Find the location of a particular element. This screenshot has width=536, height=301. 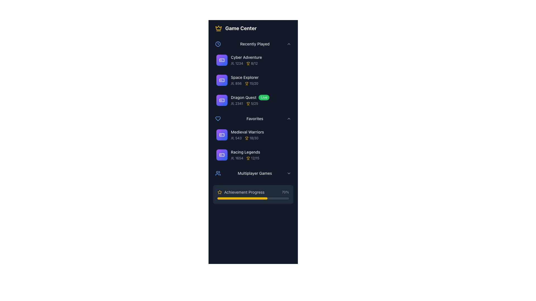

the square icon with rounded corners featuring a white outline of a gaming controller in the 'Recently Played' section is located at coordinates (222, 80).